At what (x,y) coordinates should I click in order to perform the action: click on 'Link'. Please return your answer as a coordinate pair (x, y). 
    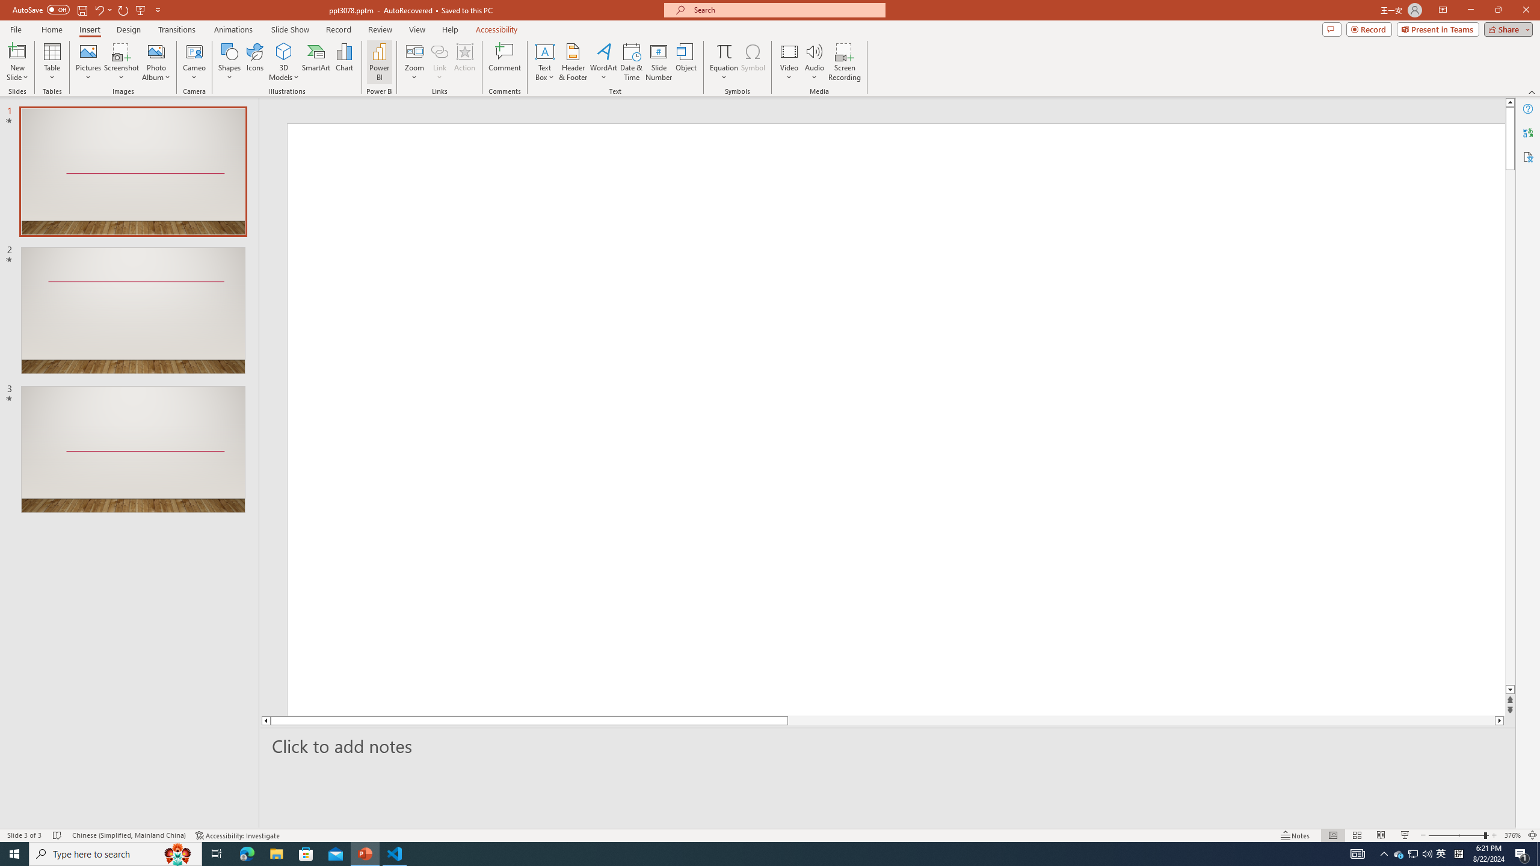
    Looking at the image, I should click on (439, 51).